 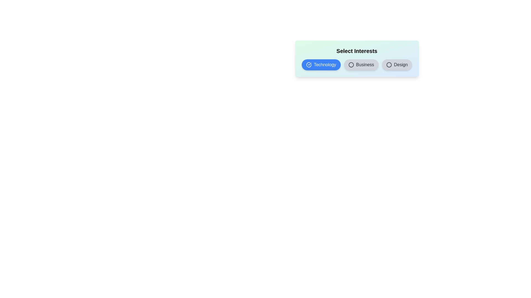 I want to click on the tag Technology, so click(x=321, y=65).